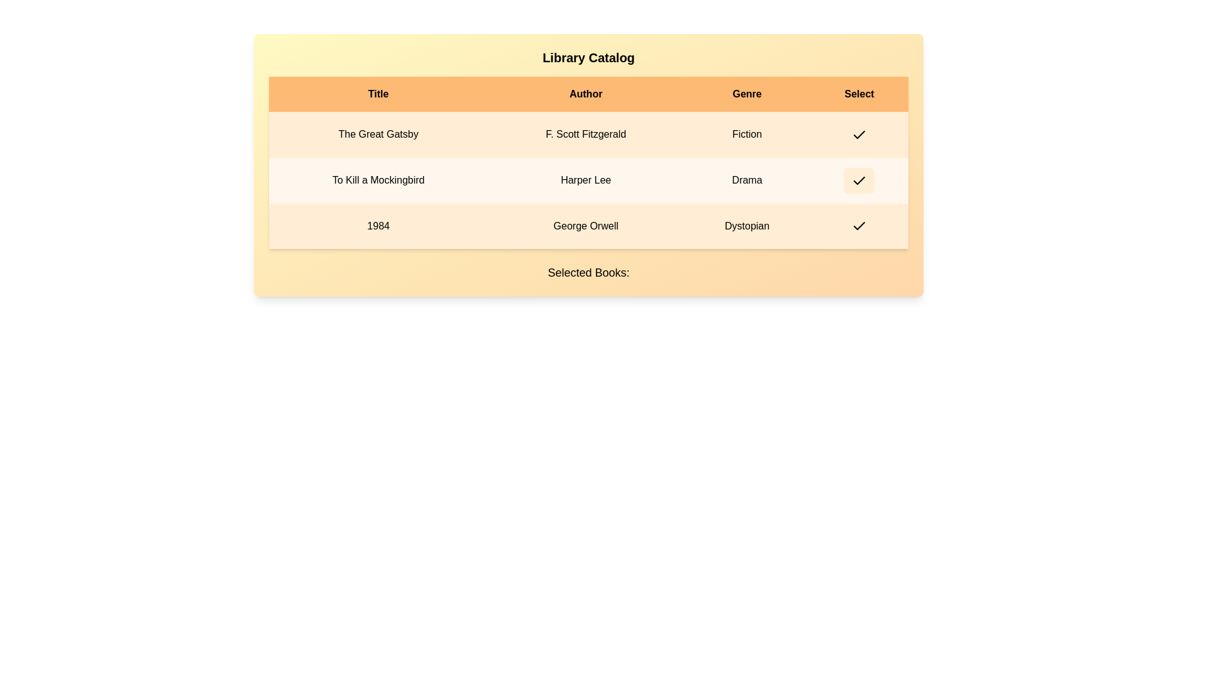 This screenshot has height=679, width=1207. Describe the element at coordinates (859, 135) in the screenshot. I see `the selection button in the top row under the 'Select' column to mark 'The Great Gatsby' as selected` at that location.